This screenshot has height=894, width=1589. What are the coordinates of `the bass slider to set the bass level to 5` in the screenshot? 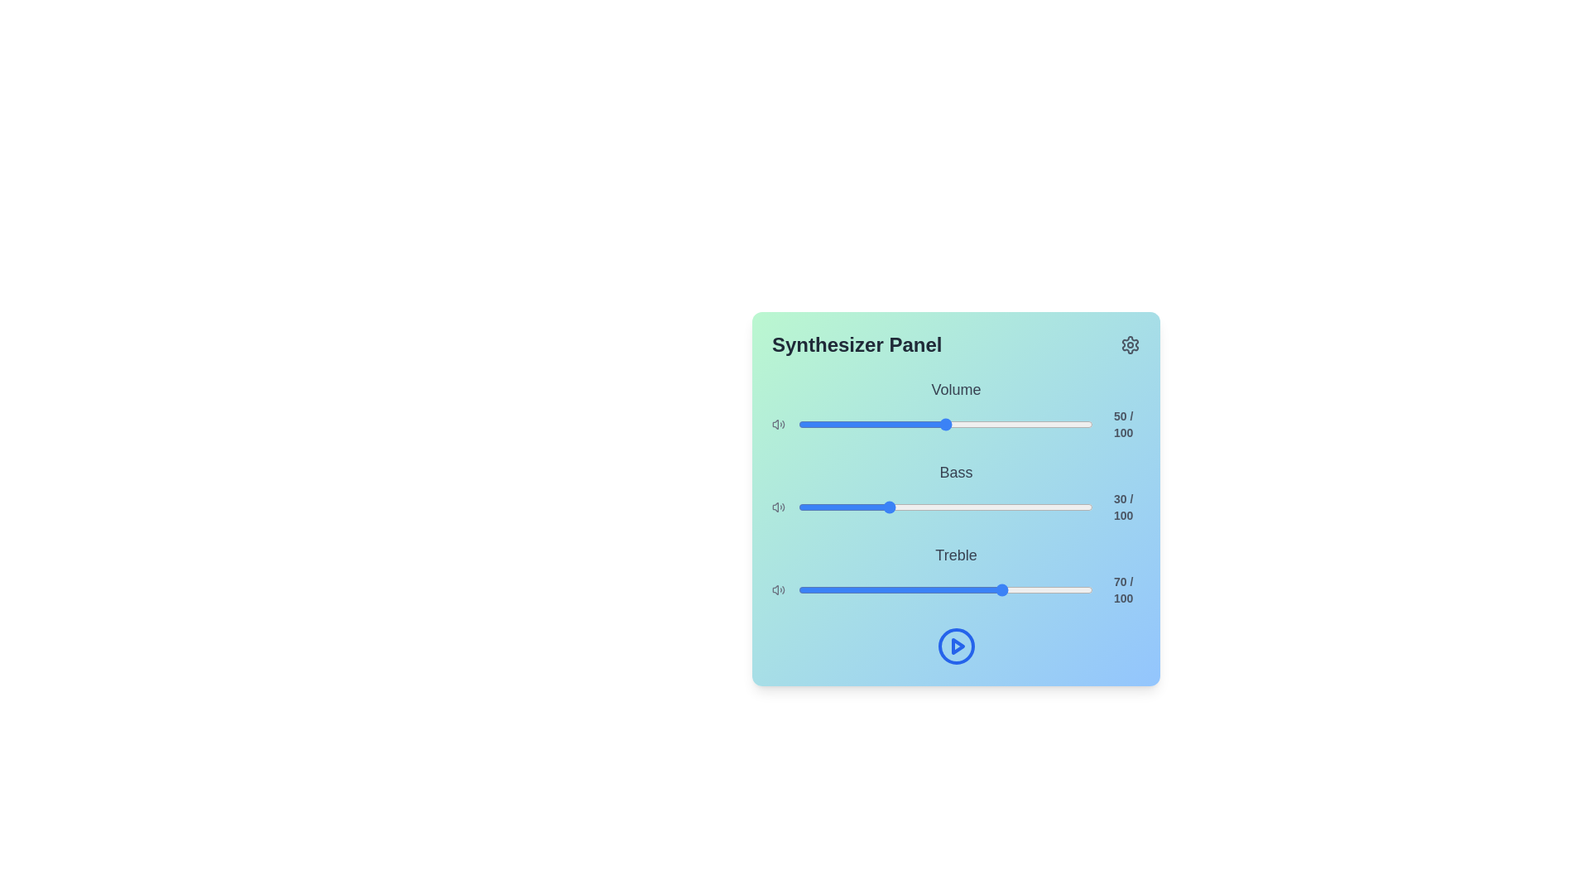 It's located at (813, 507).